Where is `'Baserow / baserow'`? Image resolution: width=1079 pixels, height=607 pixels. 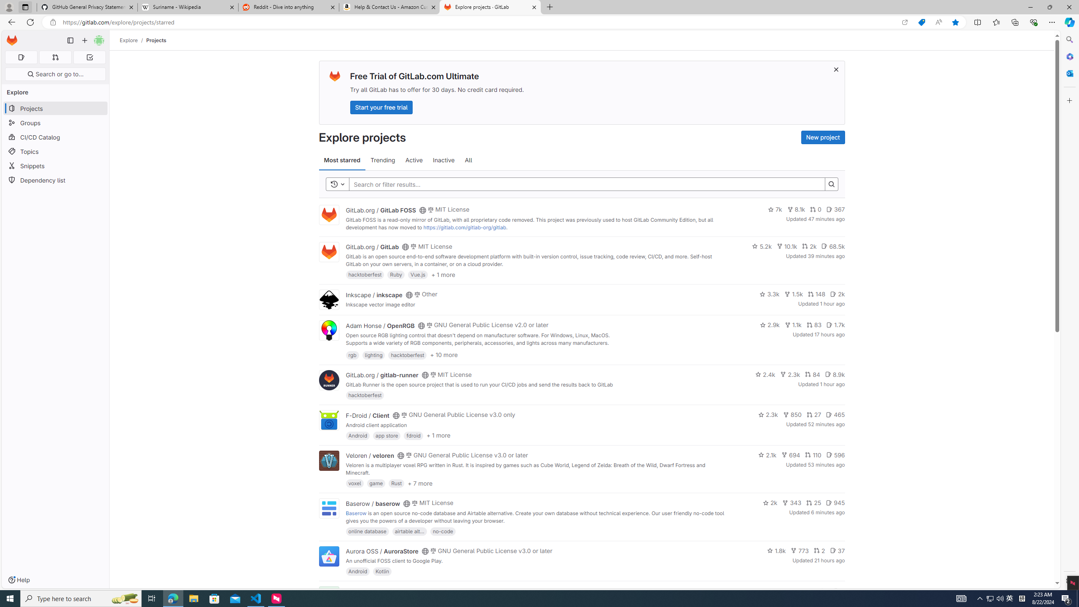
'Baserow / baserow' is located at coordinates (373, 502).